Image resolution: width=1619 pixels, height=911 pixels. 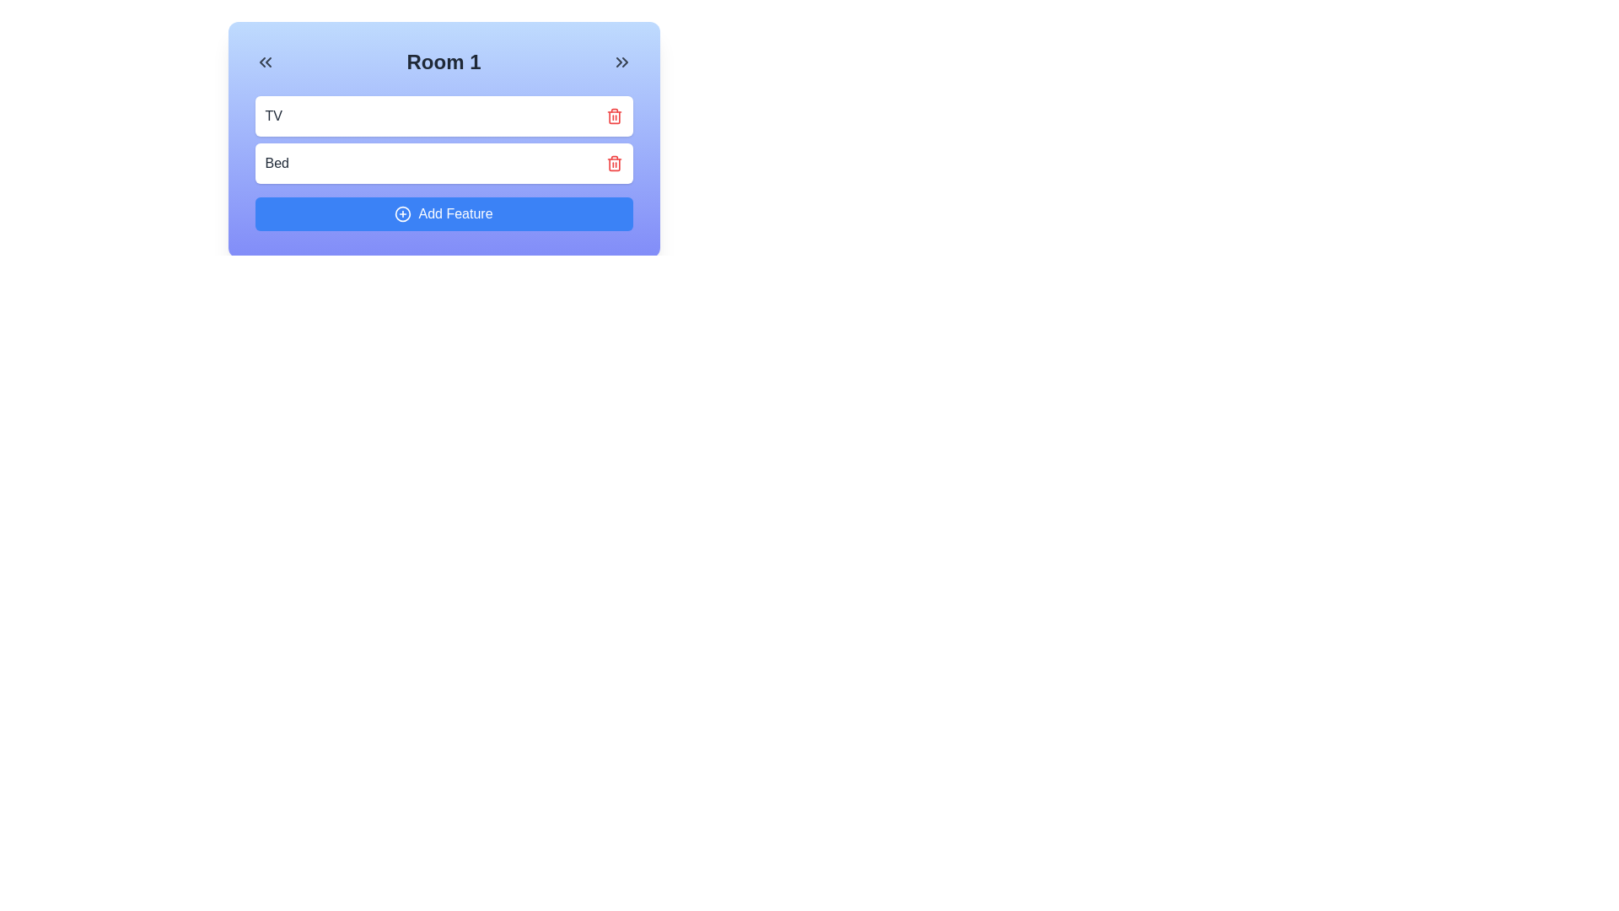 I want to click on the button located at the top right corner of the header section labeled 'Room 1' to change its color, so click(x=621, y=61).